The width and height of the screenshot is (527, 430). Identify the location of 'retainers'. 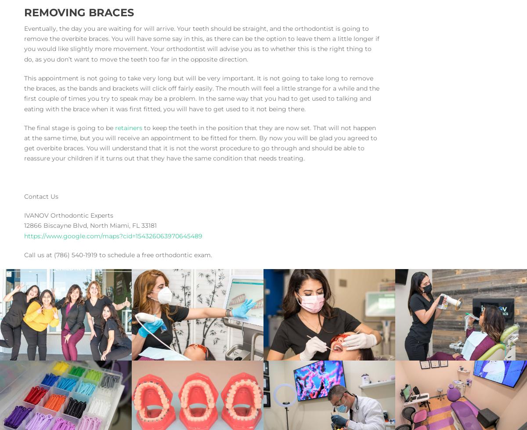
(128, 127).